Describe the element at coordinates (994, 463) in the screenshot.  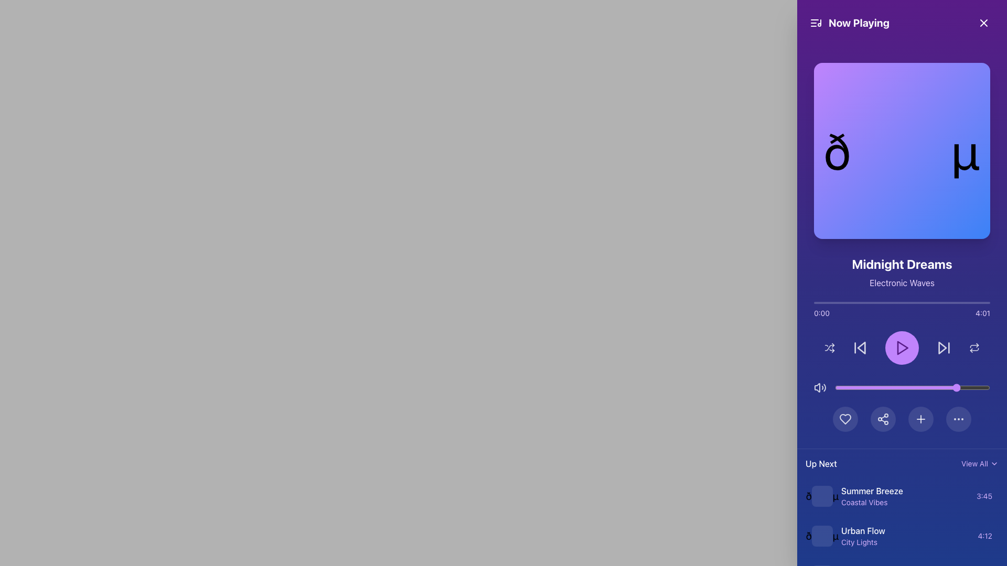
I see `the chevron down icon located to the right of the 'View All' text label in the 'Up Next' section` at that location.